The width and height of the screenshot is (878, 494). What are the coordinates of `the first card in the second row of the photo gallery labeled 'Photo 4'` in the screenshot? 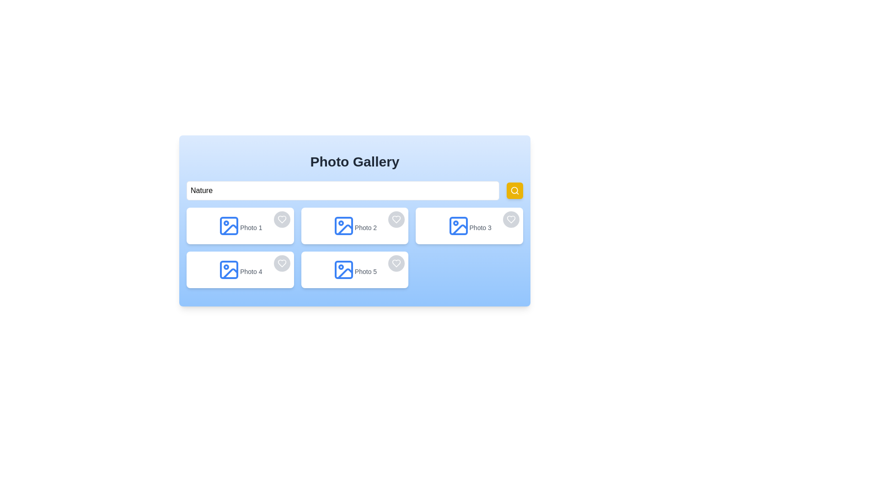 It's located at (240, 269).